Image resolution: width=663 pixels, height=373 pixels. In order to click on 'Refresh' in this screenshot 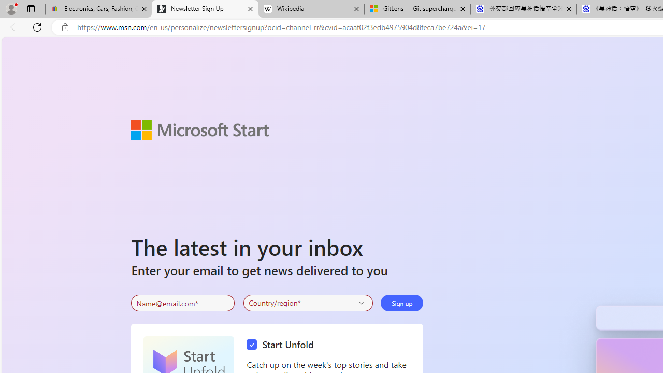, I will do `click(37, 26)`.